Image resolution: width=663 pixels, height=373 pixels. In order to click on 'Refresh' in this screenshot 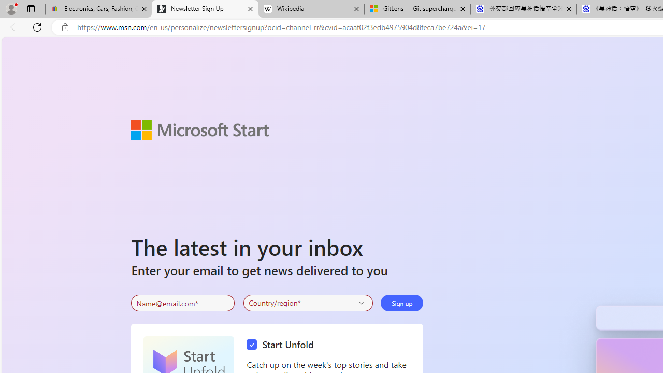, I will do `click(37, 26)`.